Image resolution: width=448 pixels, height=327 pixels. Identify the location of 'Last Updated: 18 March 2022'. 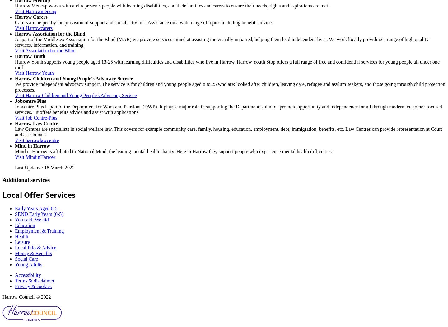
(44, 167).